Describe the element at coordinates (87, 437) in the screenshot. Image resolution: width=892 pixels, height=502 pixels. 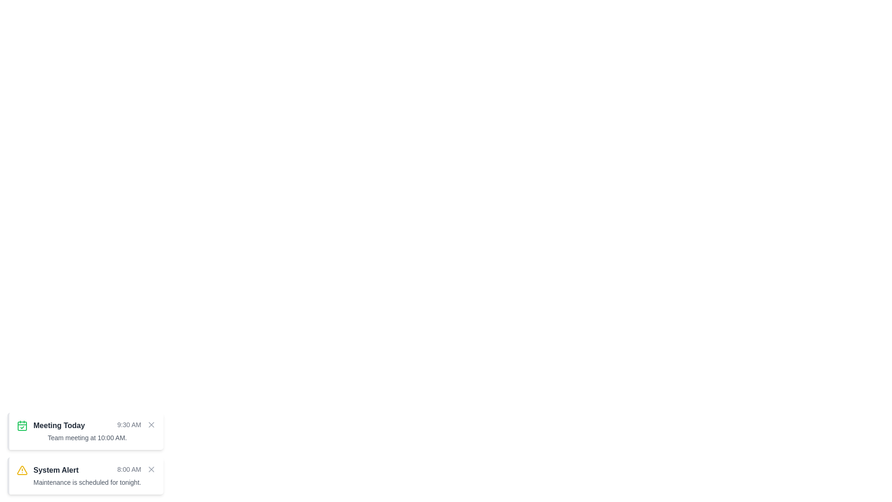
I see `the second visible text label in the 'Meeting Today' group that provides information about the meeting's focus or timing` at that location.